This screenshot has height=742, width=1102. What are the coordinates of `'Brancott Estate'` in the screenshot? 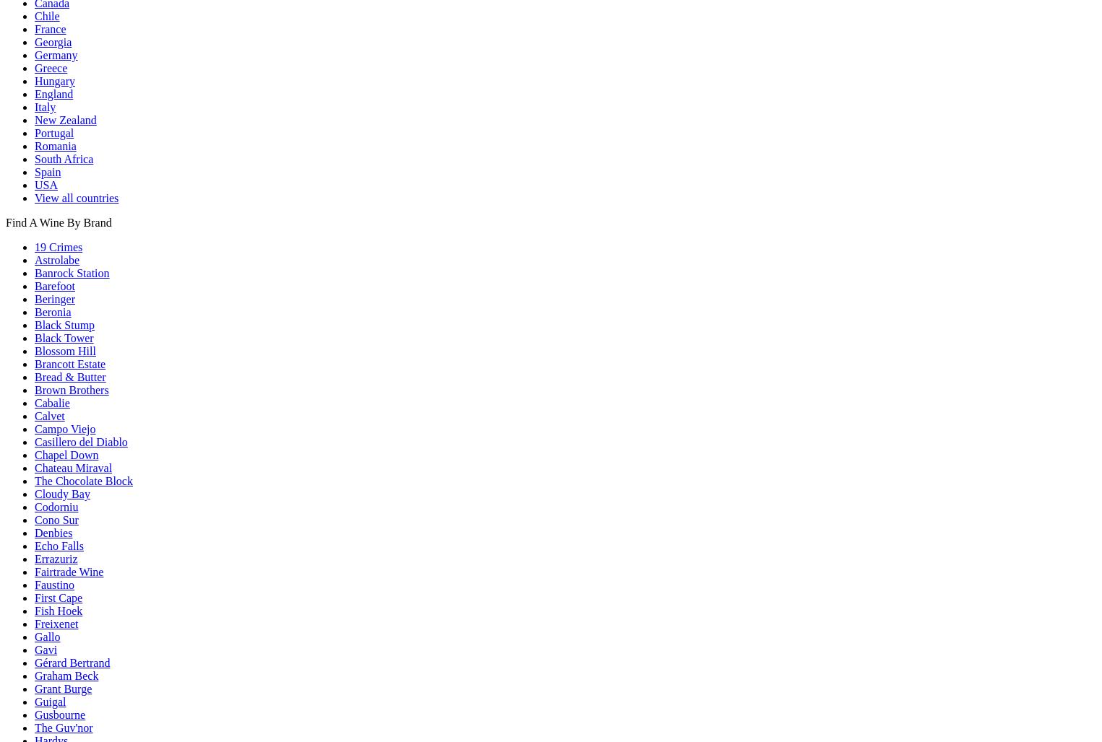 It's located at (69, 362).